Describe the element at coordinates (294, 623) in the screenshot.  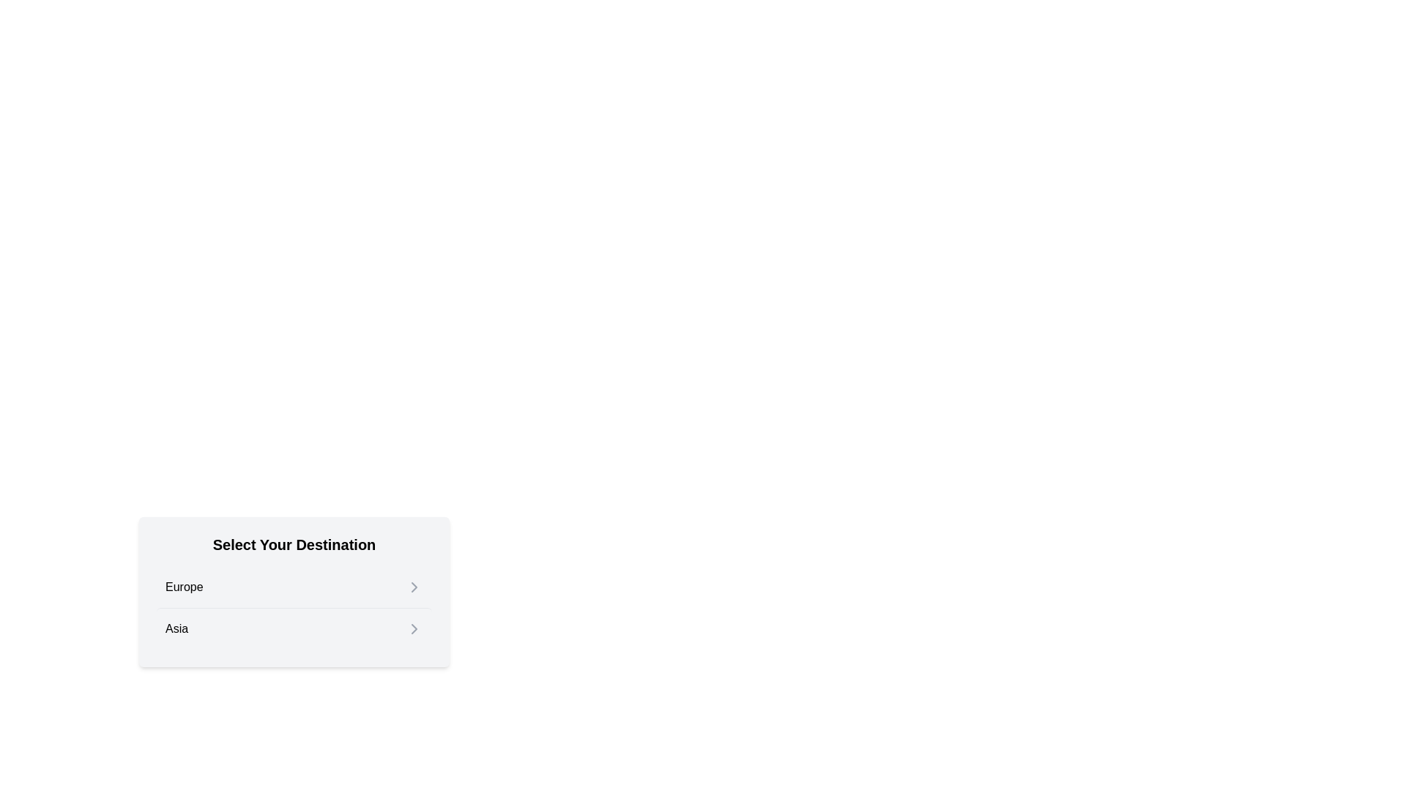
I see `the 'Asia' option in the navigation list` at that location.